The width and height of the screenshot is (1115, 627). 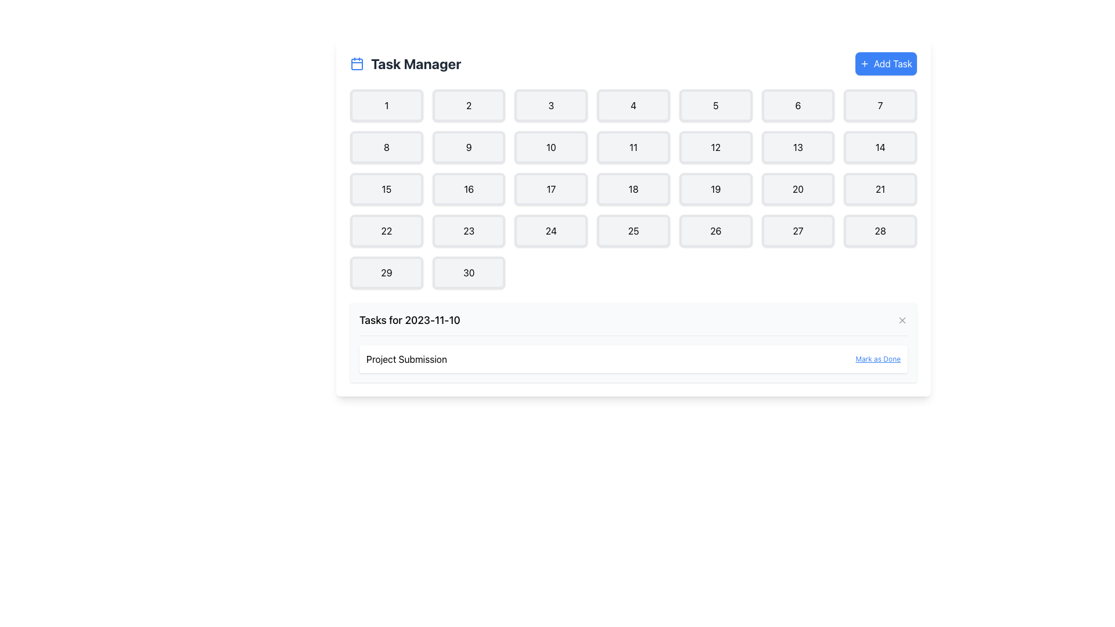 What do you see at coordinates (880, 105) in the screenshot?
I see `the button numbered '7' which is located in the first row and seventh column of the grid for keyboard navigation` at bounding box center [880, 105].